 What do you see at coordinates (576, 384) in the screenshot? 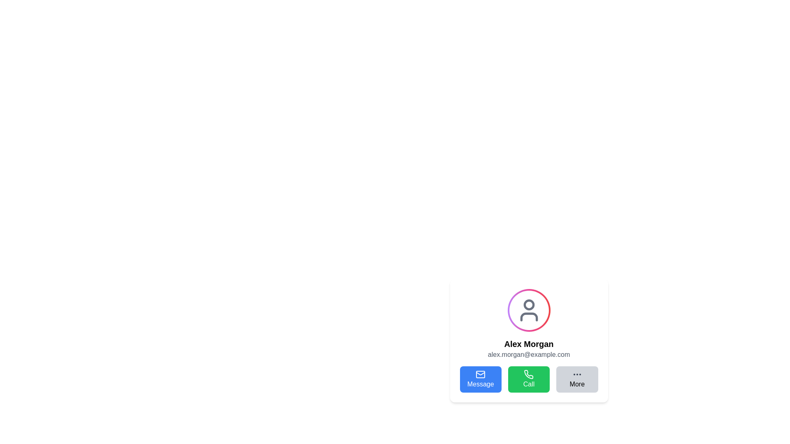
I see `the 'More' label located at the bottom-right corner of the card layout, beneath the button with three horizontal dots` at bounding box center [576, 384].